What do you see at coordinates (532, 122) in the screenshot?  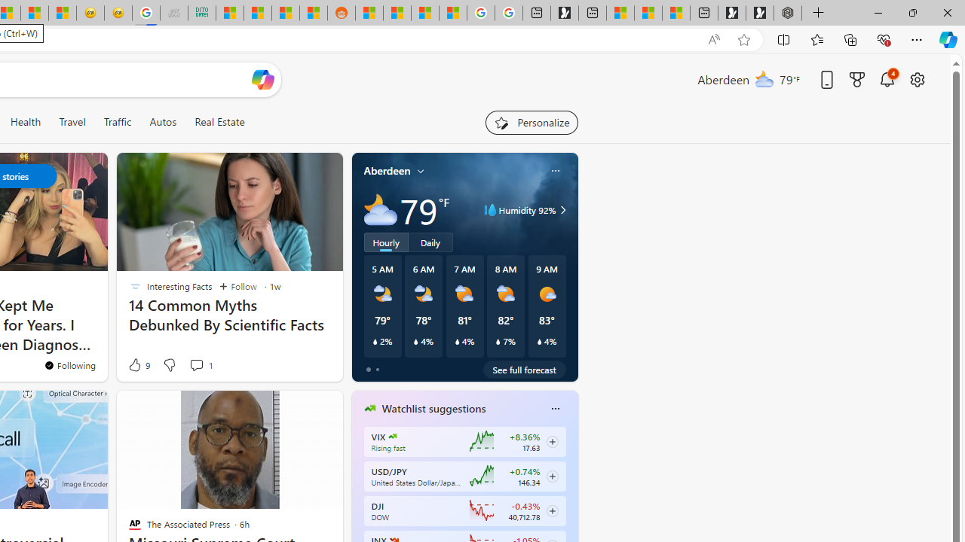 I see `'Personalize your feed"'` at bounding box center [532, 122].